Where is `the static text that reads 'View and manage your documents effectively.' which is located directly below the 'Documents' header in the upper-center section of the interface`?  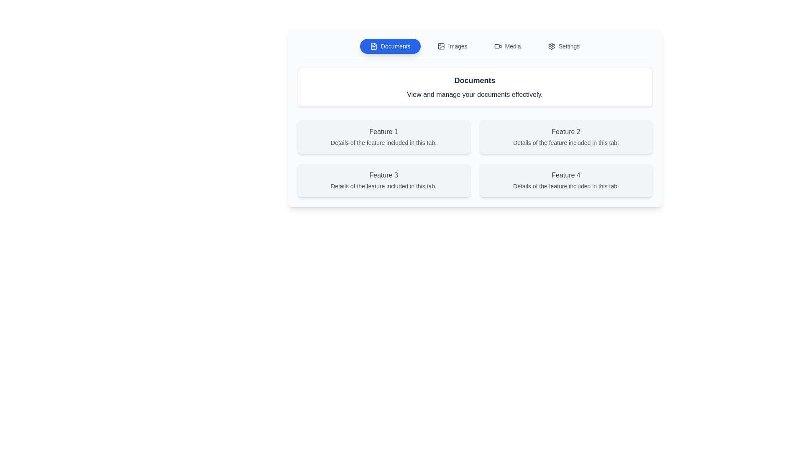 the static text that reads 'View and manage your documents effectively.' which is located directly below the 'Documents' header in the upper-center section of the interface is located at coordinates (475, 94).